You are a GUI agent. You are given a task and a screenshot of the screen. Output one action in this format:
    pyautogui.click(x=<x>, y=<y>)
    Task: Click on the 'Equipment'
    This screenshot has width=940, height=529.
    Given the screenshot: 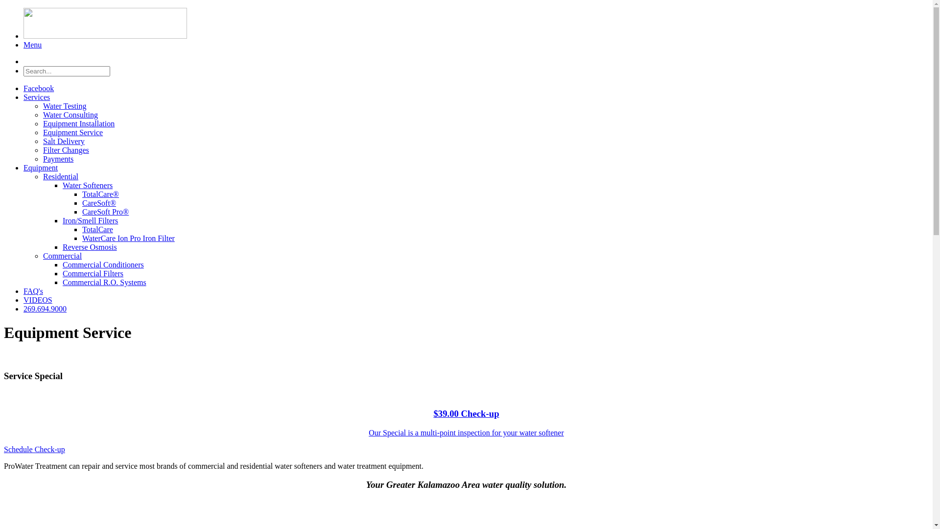 What is the action you would take?
    pyautogui.click(x=40, y=167)
    